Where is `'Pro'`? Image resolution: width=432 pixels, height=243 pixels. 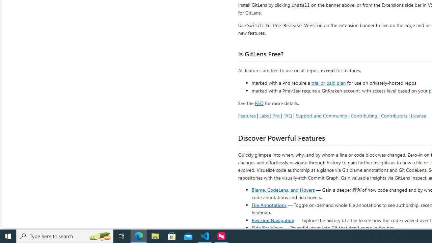 'Pro' is located at coordinates (276, 115).